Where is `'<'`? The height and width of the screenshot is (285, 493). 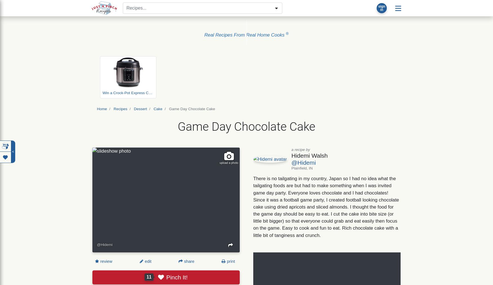
'<' is located at coordinates (13, 151).